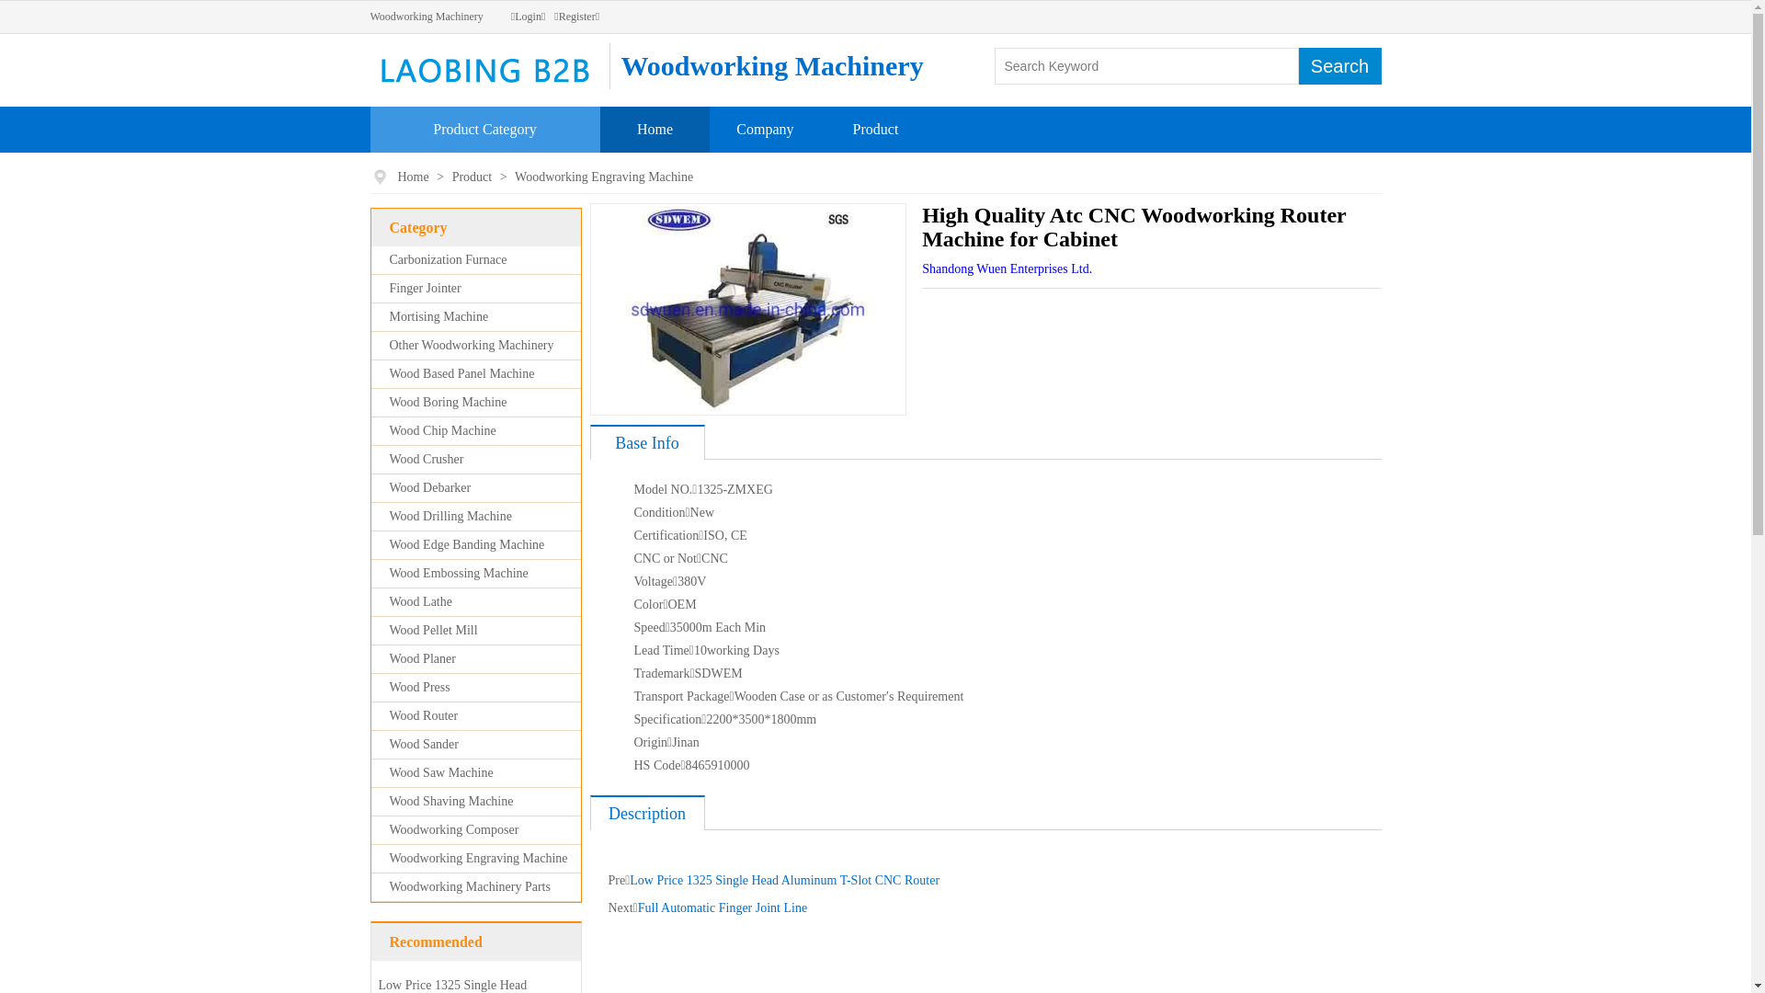 The image size is (1765, 993). What do you see at coordinates (388, 629) in the screenshot?
I see `'Wood Pellet Mill'` at bounding box center [388, 629].